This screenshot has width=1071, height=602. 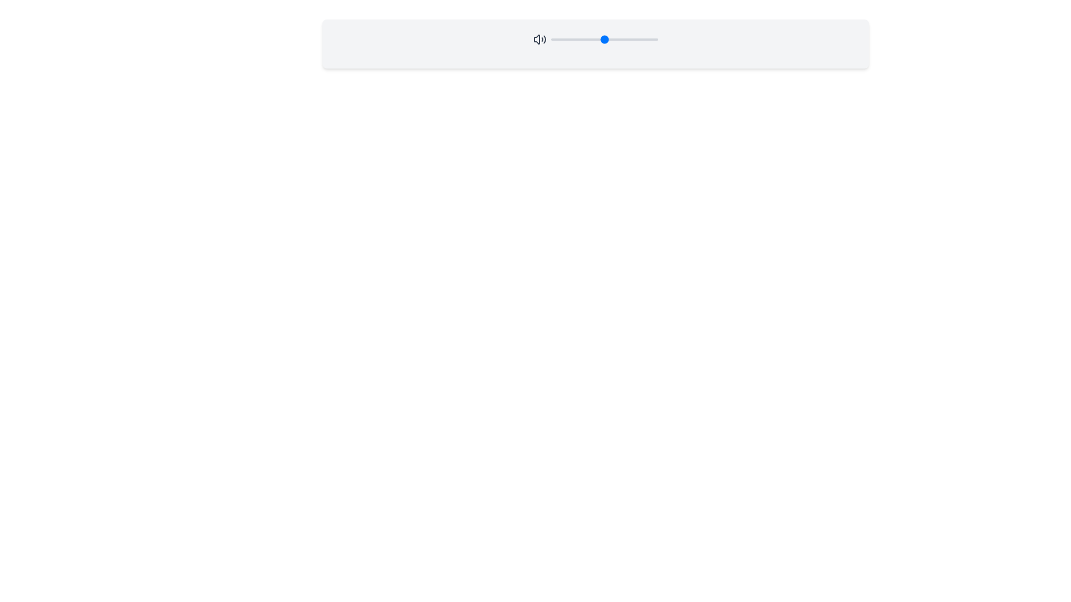 What do you see at coordinates (606, 38) in the screenshot?
I see `volume level` at bounding box center [606, 38].